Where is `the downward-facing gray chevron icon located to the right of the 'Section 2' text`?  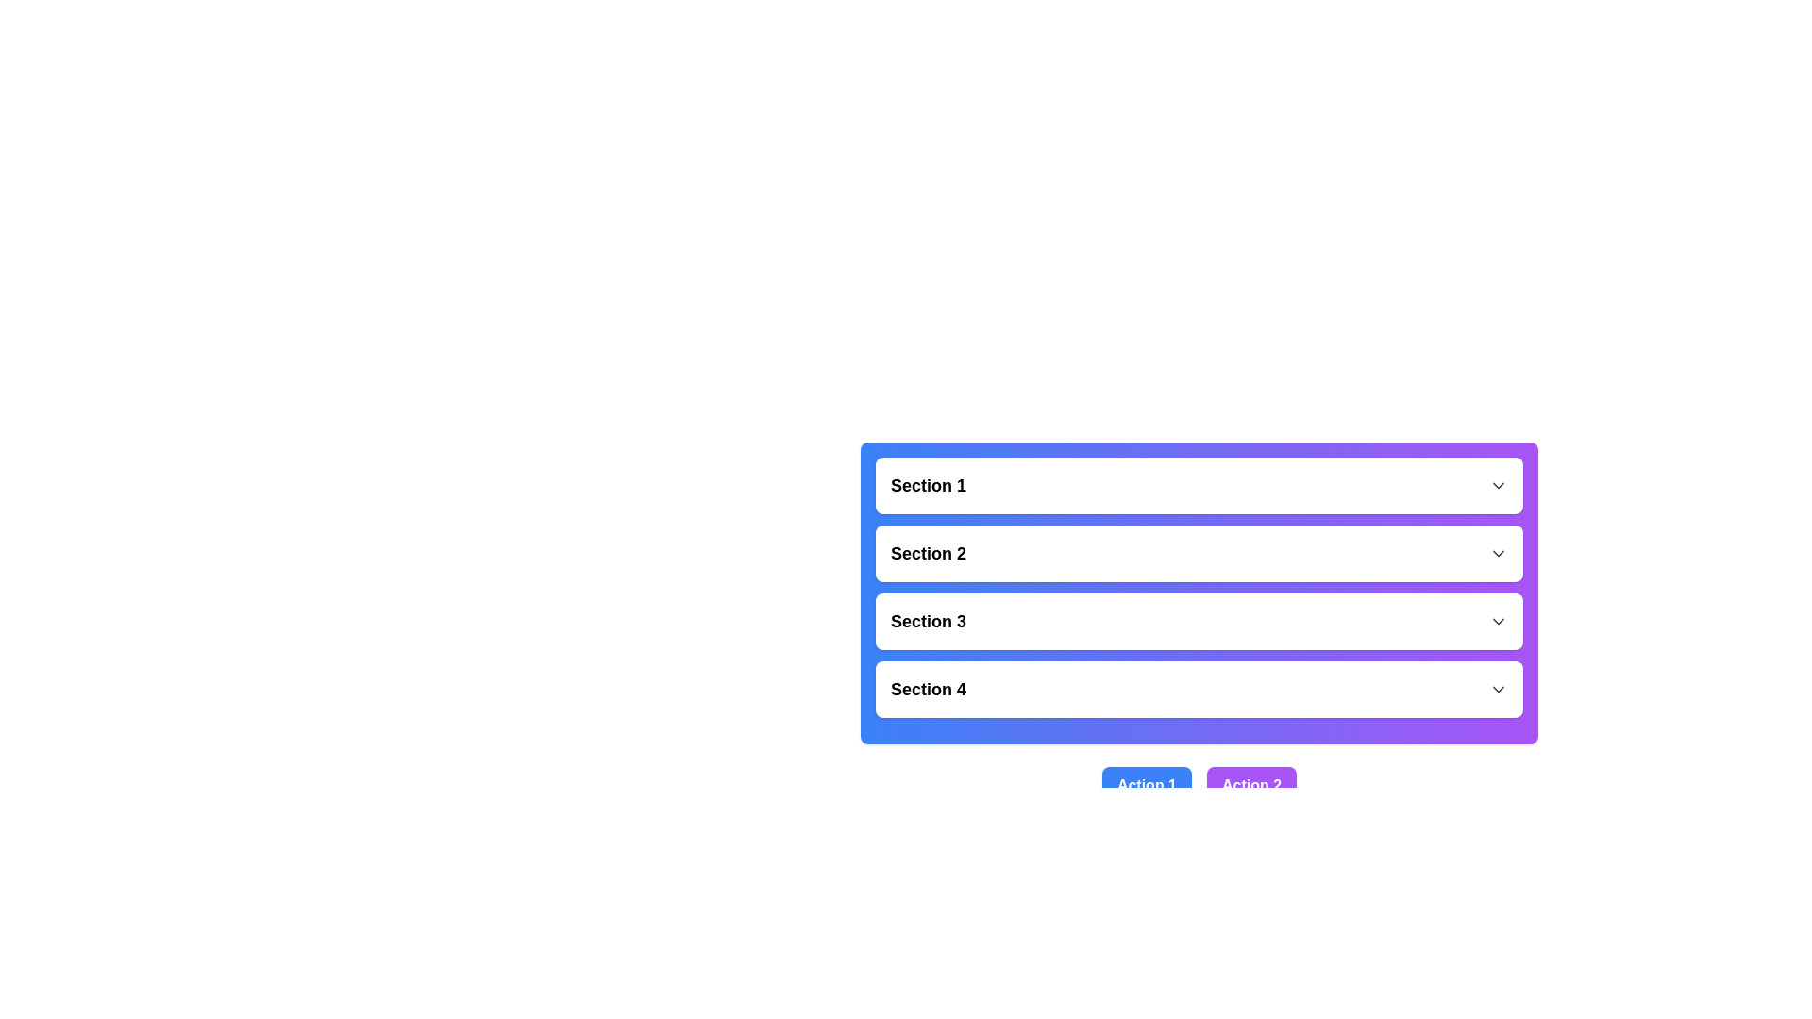 the downward-facing gray chevron icon located to the right of the 'Section 2' text is located at coordinates (1498, 552).